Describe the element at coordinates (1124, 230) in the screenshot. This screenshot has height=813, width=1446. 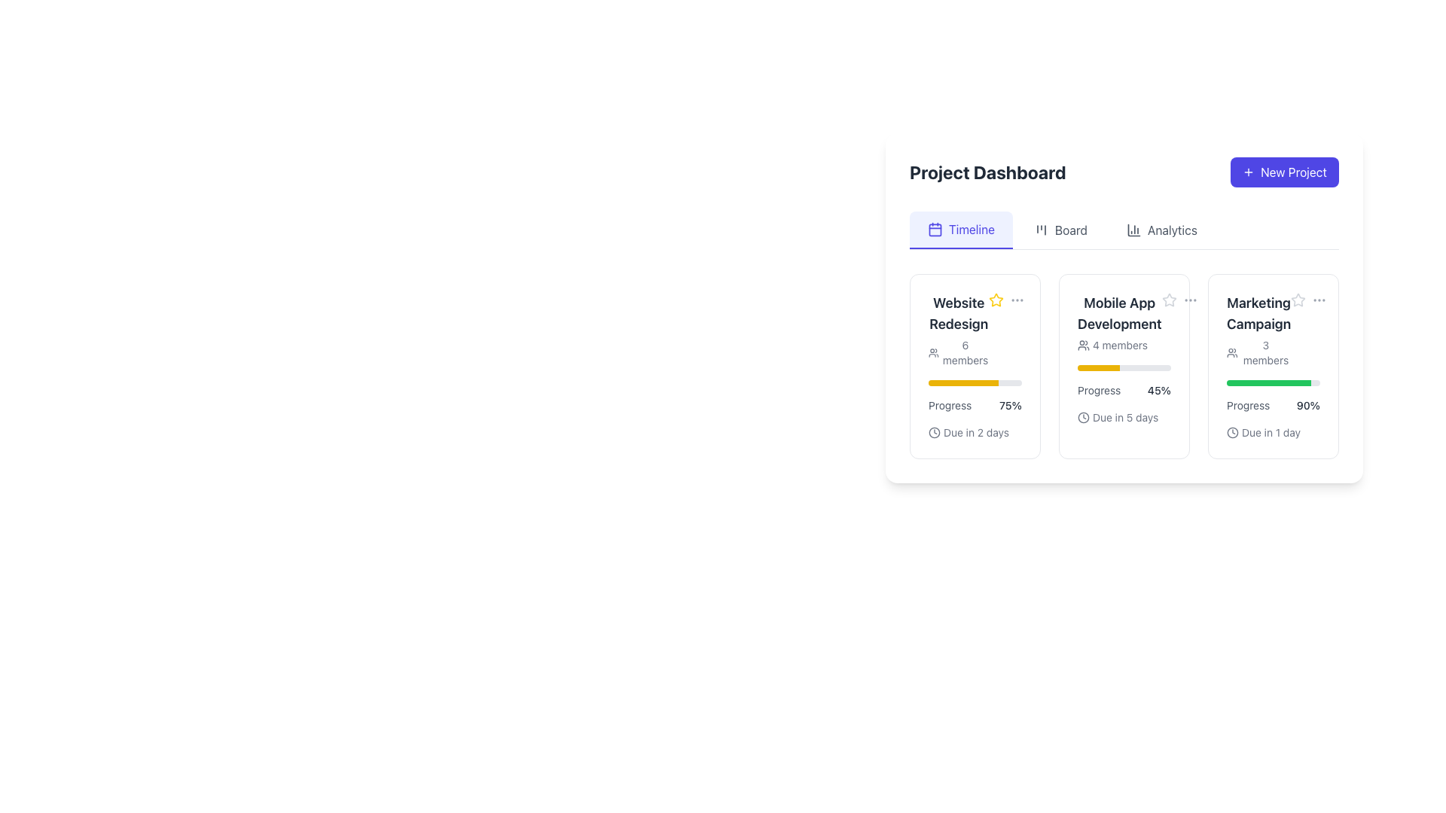
I see `the 'Timeline', 'Board', or 'Analytics' link in the Navigation menu to trigger tooltip or hover effects` at that location.